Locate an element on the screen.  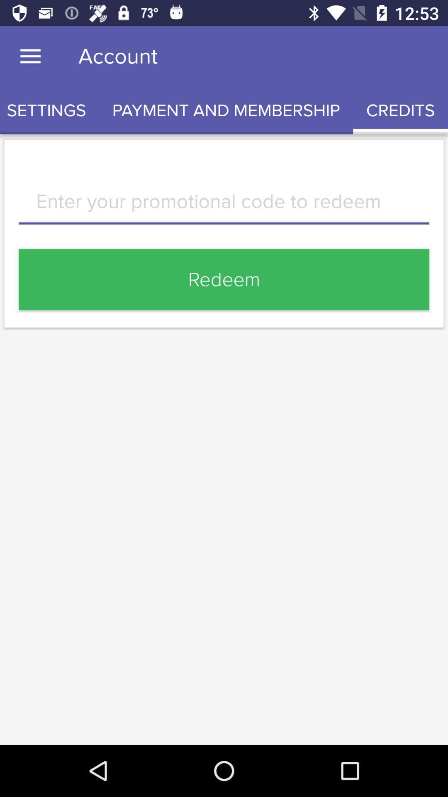
promo codr is located at coordinates (224, 207).